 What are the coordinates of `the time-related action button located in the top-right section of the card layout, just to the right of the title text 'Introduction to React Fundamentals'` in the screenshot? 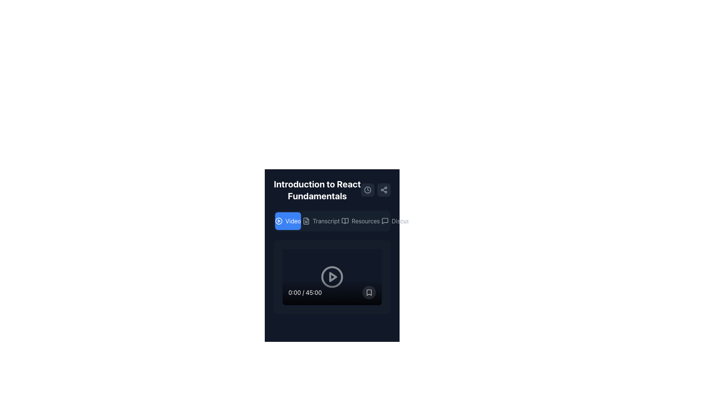 It's located at (368, 190).